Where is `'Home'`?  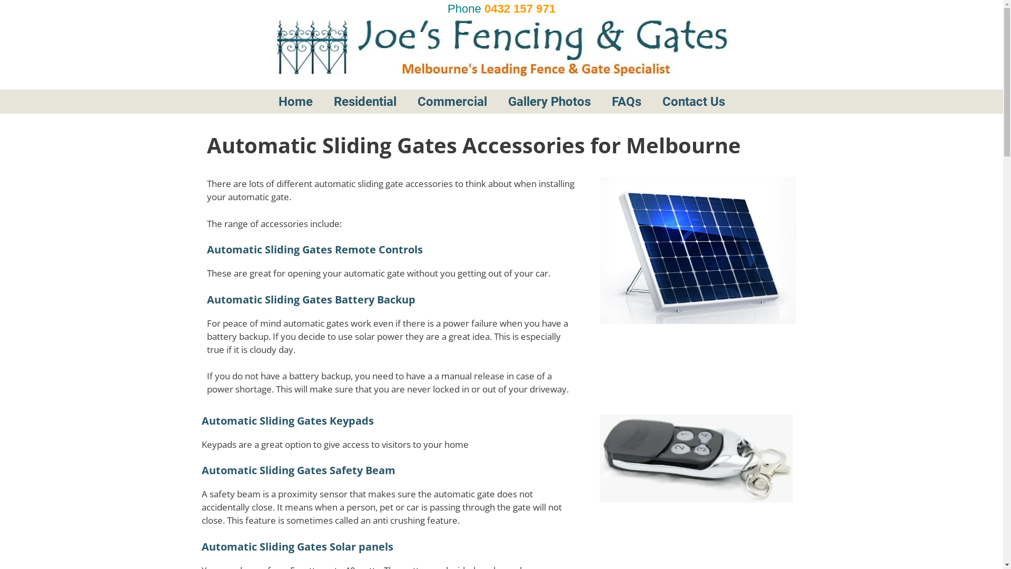 'Home' is located at coordinates (295, 101).